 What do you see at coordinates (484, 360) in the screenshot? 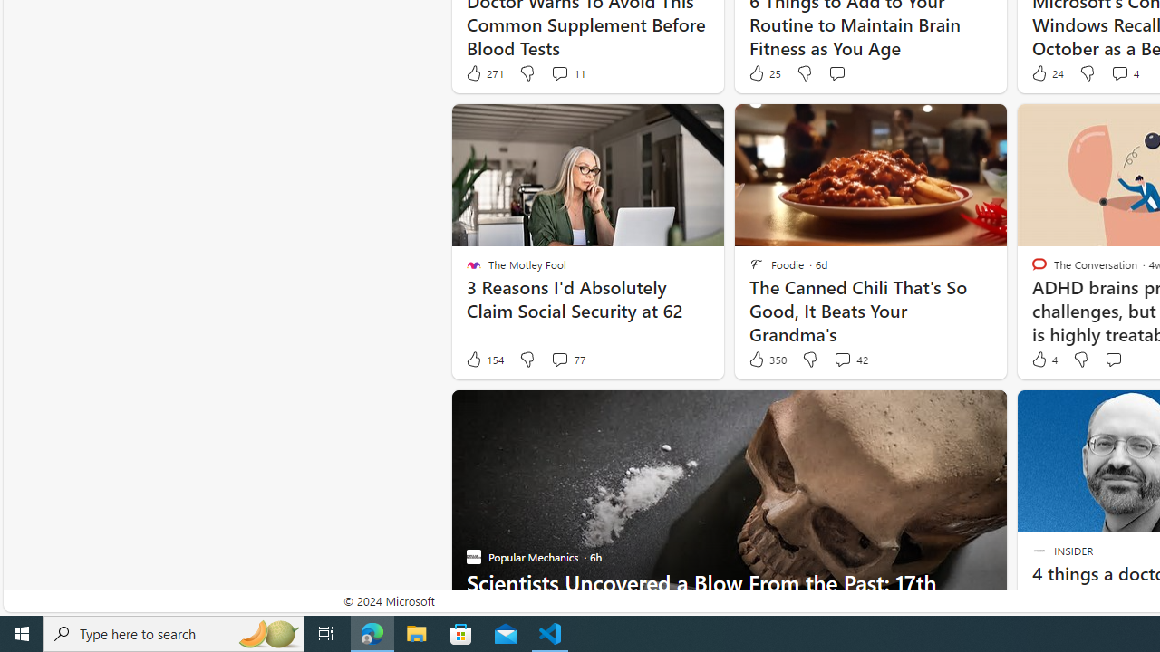
I see `'154 Like'` at bounding box center [484, 360].